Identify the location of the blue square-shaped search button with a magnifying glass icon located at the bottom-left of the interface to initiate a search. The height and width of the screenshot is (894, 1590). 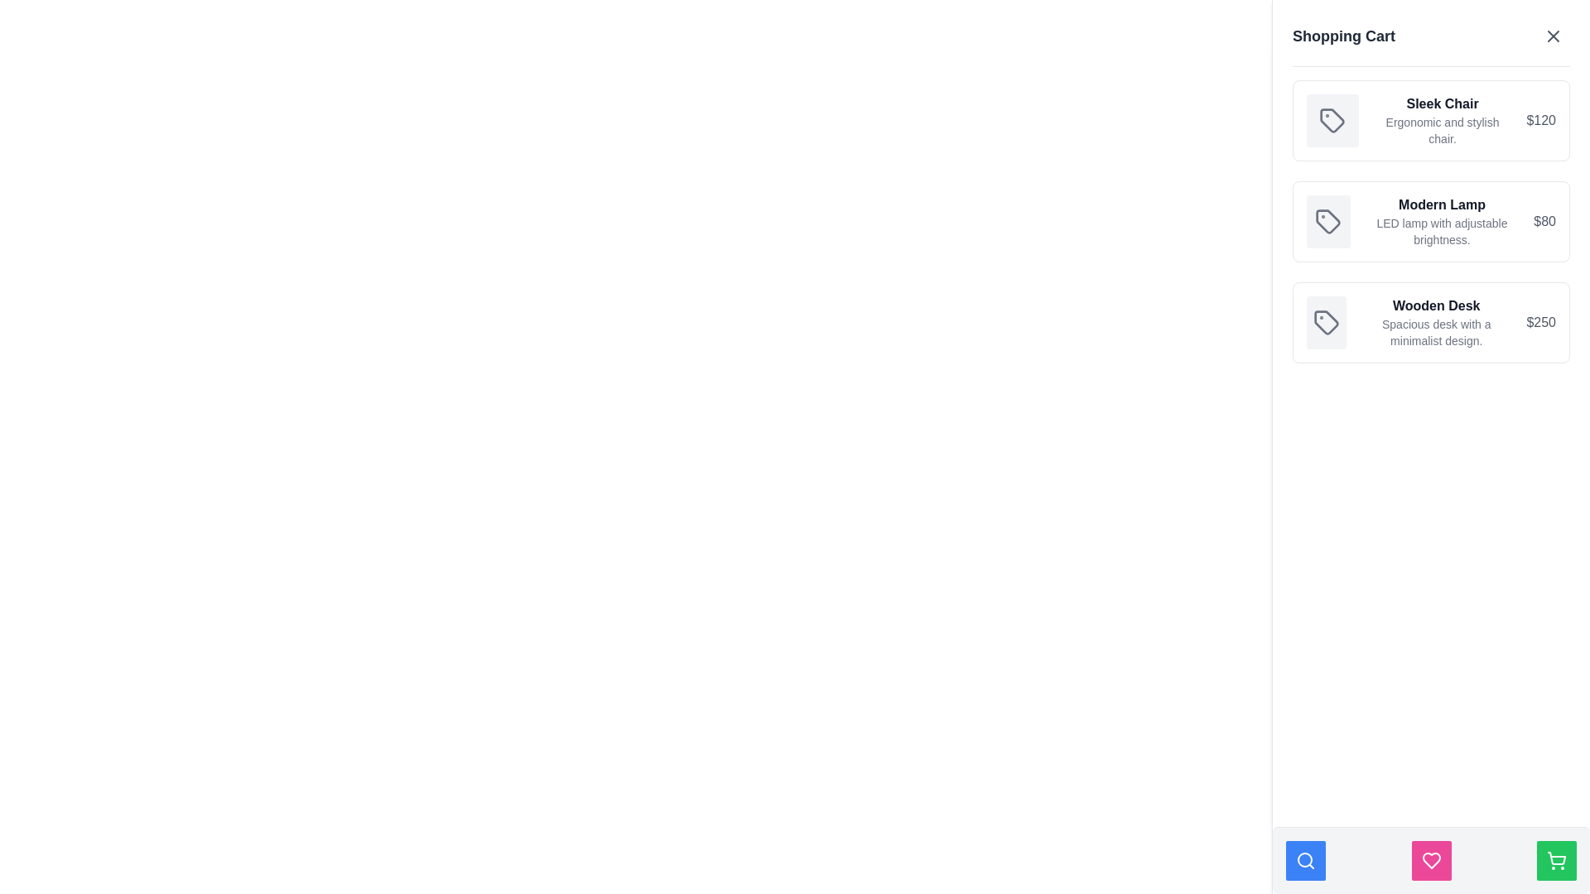
(1305, 860).